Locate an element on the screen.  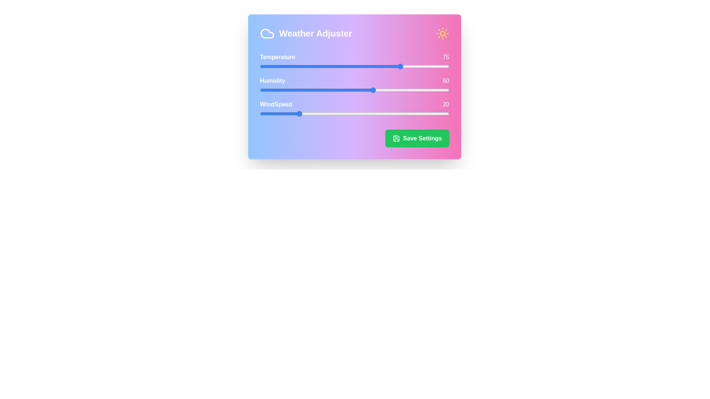
the temperature slider is located at coordinates (284, 66).